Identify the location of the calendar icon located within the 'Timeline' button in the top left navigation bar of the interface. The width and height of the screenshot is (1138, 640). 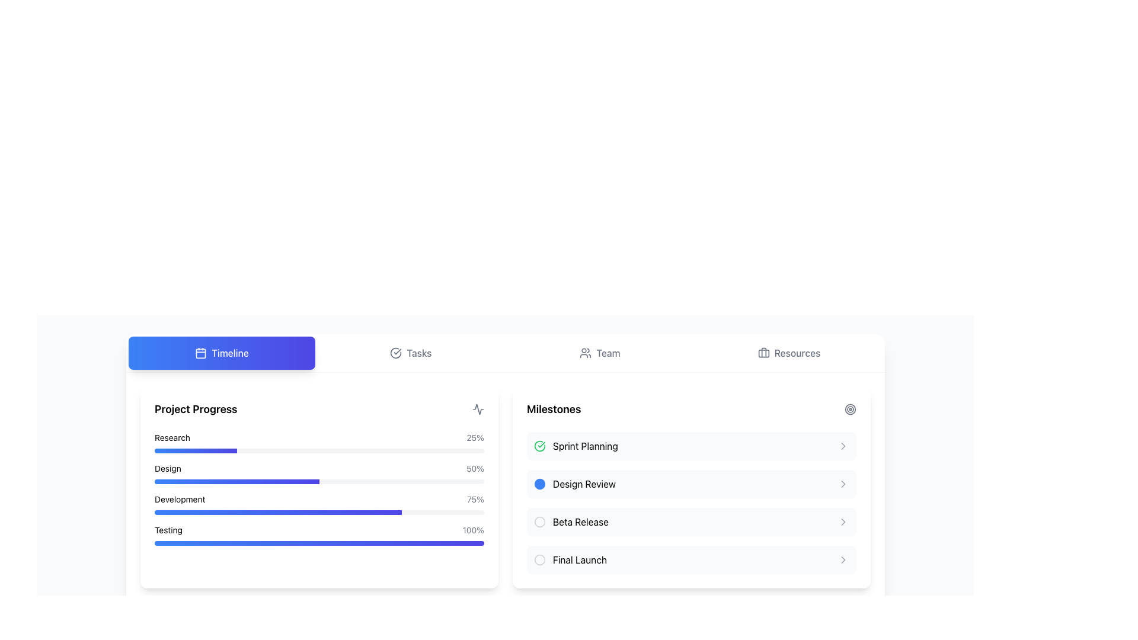
(201, 353).